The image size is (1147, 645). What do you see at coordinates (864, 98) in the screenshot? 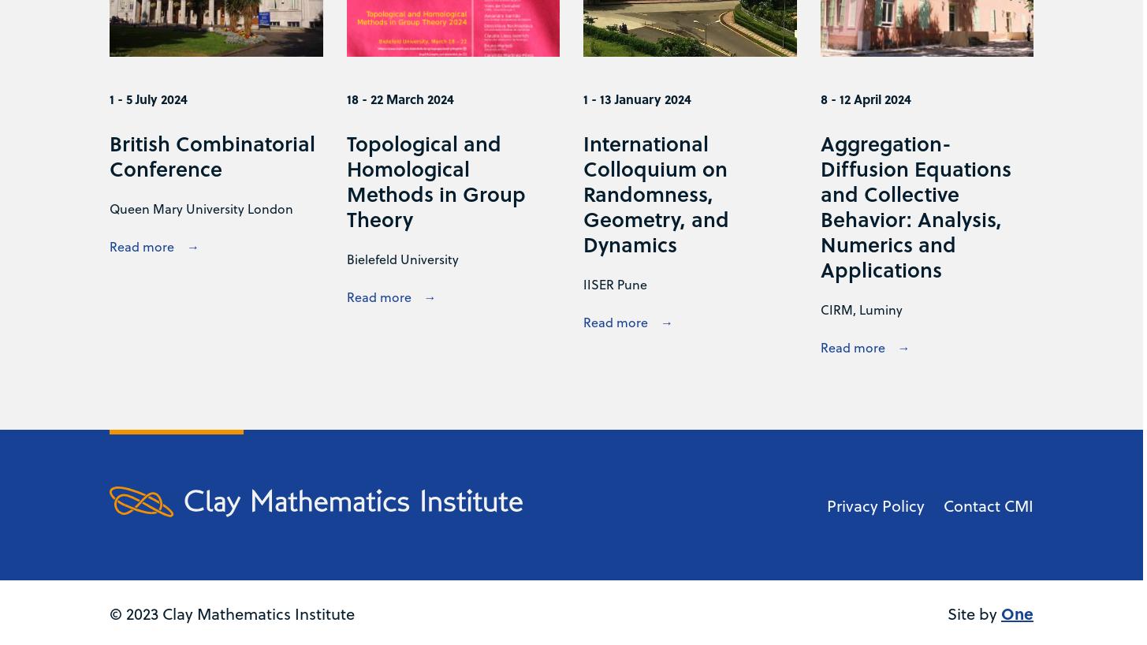
I see `'8 - 12  April 2024'` at bounding box center [864, 98].